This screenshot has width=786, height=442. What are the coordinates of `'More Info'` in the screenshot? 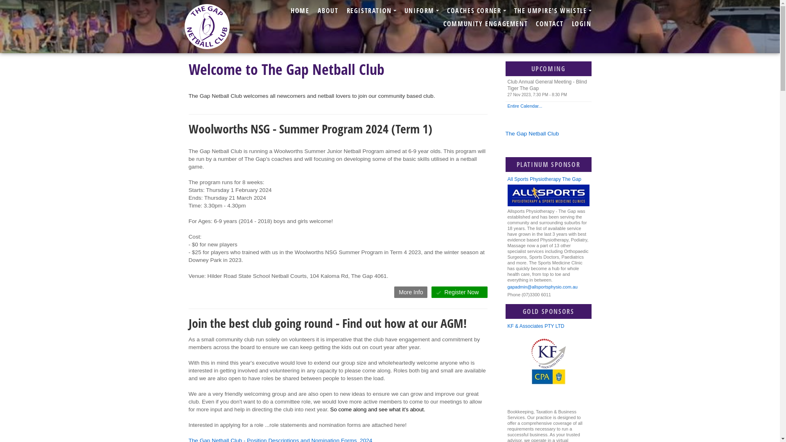 It's located at (411, 291).